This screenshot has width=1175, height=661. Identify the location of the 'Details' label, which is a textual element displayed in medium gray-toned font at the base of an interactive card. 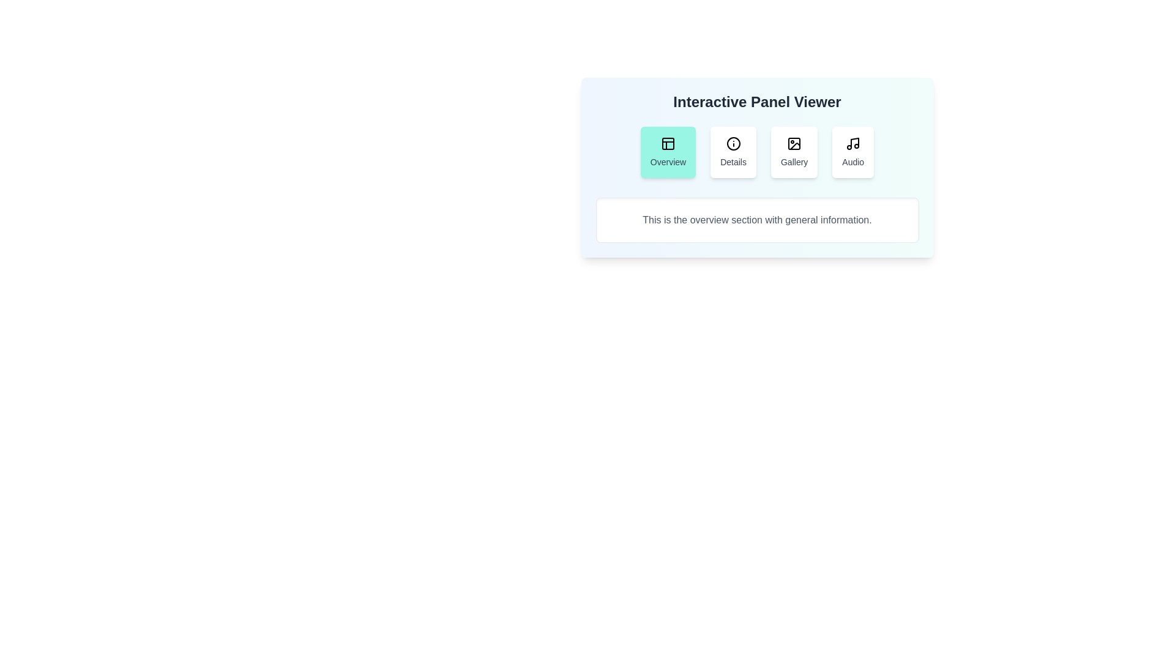
(733, 162).